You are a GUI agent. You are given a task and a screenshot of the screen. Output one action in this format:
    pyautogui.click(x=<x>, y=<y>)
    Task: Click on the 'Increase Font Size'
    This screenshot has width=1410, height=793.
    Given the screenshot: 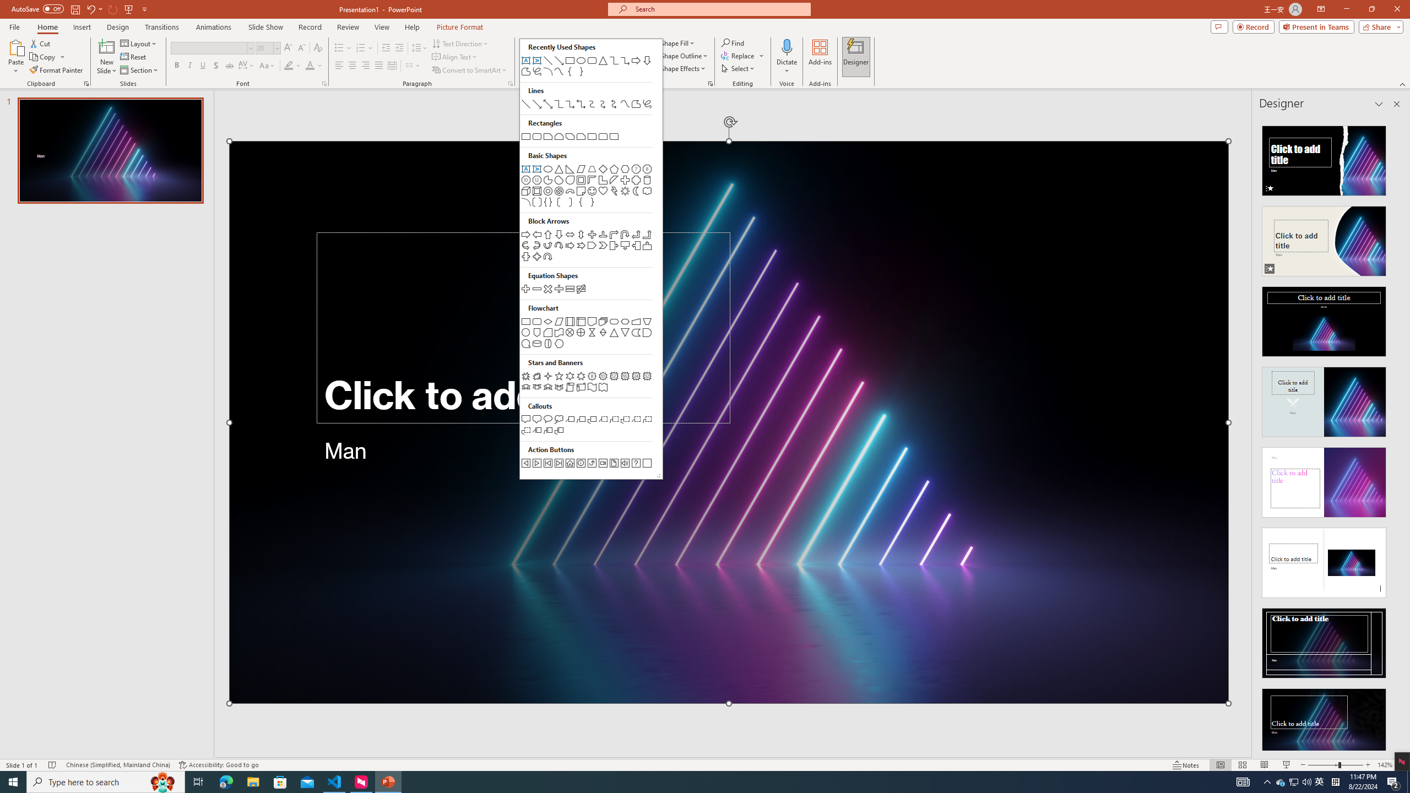 What is the action you would take?
    pyautogui.click(x=288, y=48)
    